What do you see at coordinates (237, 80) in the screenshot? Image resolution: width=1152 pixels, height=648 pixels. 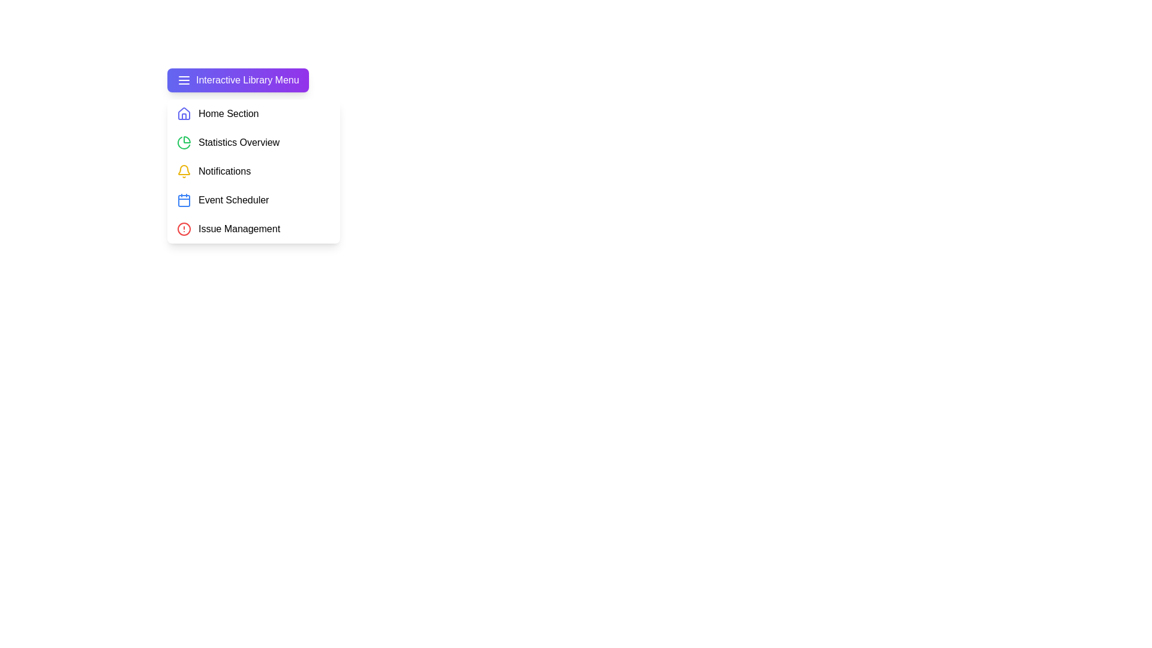 I see `the button labeled 'Interactive Library Menu' to toggle the menu visibility` at bounding box center [237, 80].